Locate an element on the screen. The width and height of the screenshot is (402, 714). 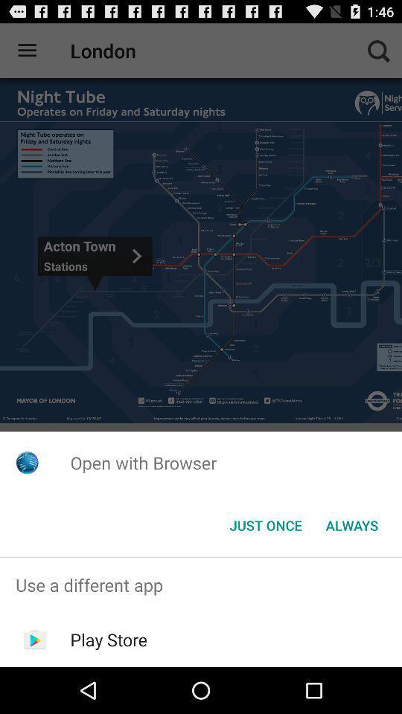
button to the left of the always icon is located at coordinates (265, 525).